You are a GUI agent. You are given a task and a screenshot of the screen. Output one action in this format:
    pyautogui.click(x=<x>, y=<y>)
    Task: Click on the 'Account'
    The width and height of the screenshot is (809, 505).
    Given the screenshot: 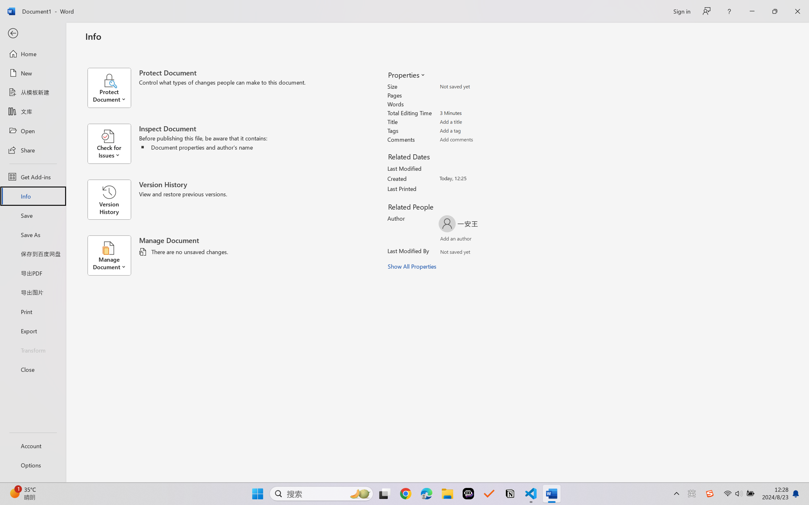 What is the action you would take?
    pyautogui.click(x=32, y=446)
    